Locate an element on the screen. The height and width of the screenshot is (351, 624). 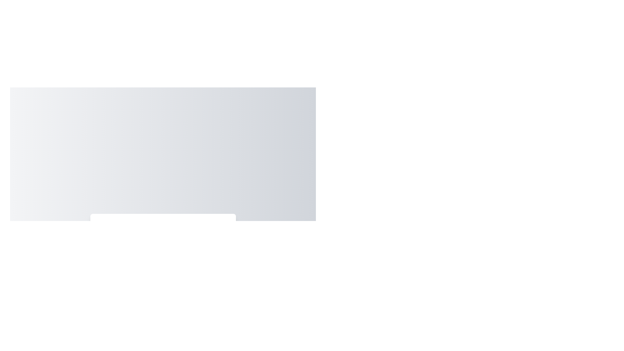
the slider to set the streaming quality to 1199p is located at coordinates (199, 258).